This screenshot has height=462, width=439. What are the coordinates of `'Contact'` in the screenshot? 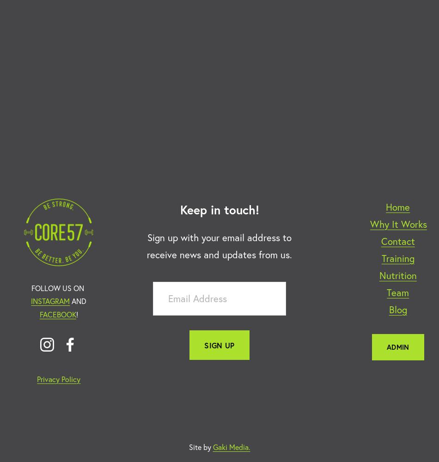 It's located at (397, 241).